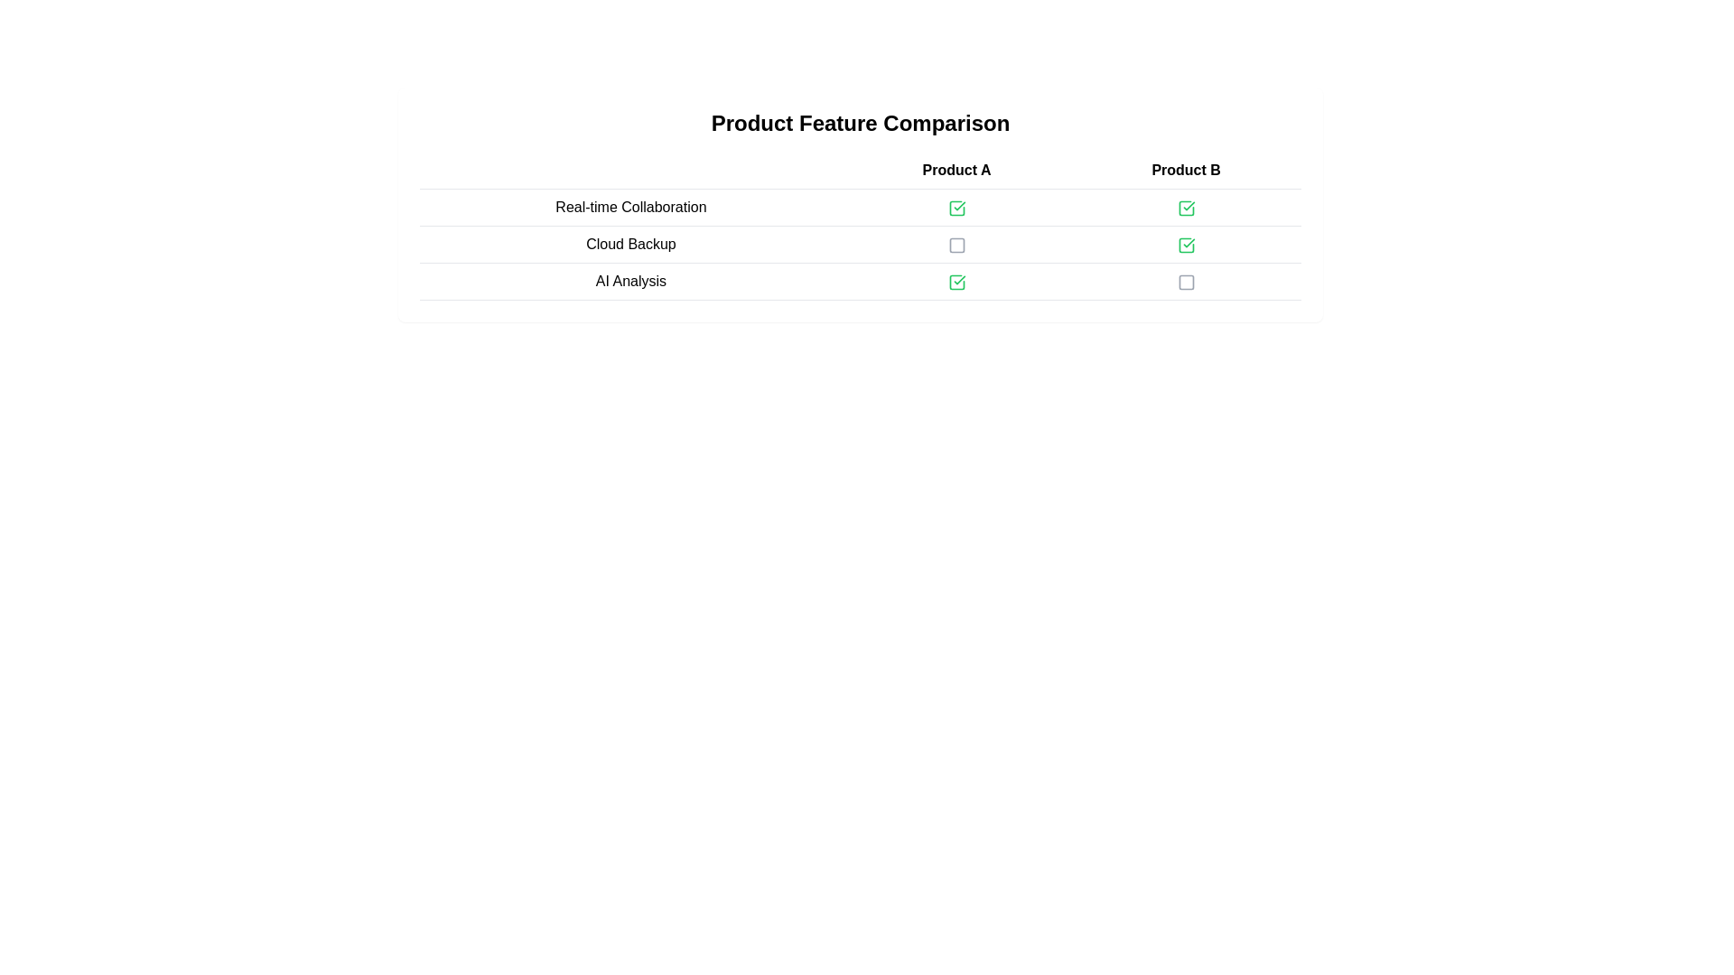 The image size is (1734, 975). What do you see at coordinates (1186, 282) in the screenshot?
I see `the status icon indicating absence or a negative condition in the 'AI Analysis' section under 'Product B' in the comparison chart` at bounding box center [1186, 282].